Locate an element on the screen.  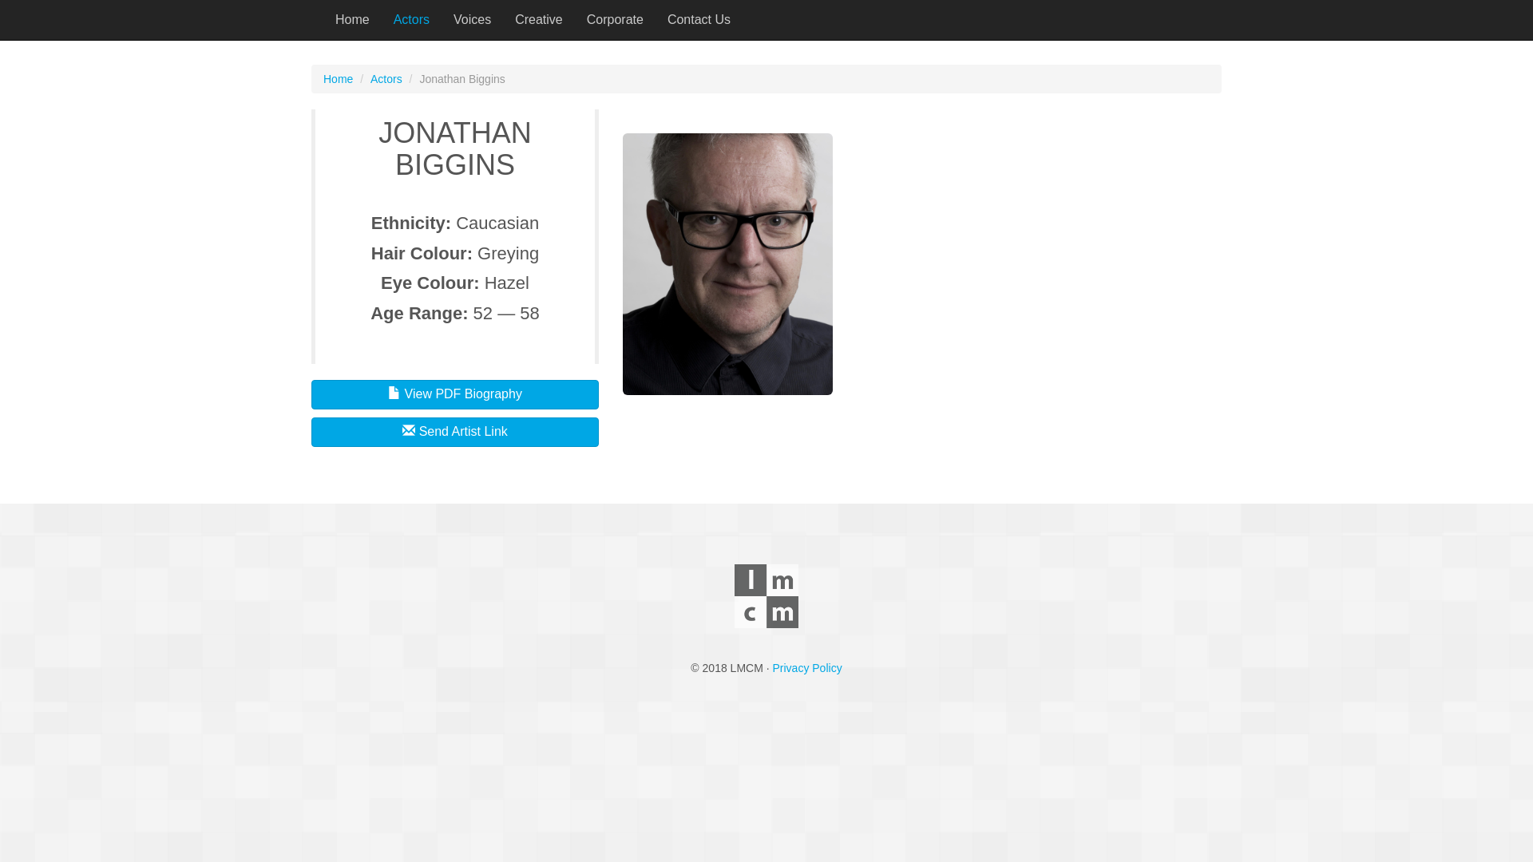
'Actors' is located at coordinates (370, 79).